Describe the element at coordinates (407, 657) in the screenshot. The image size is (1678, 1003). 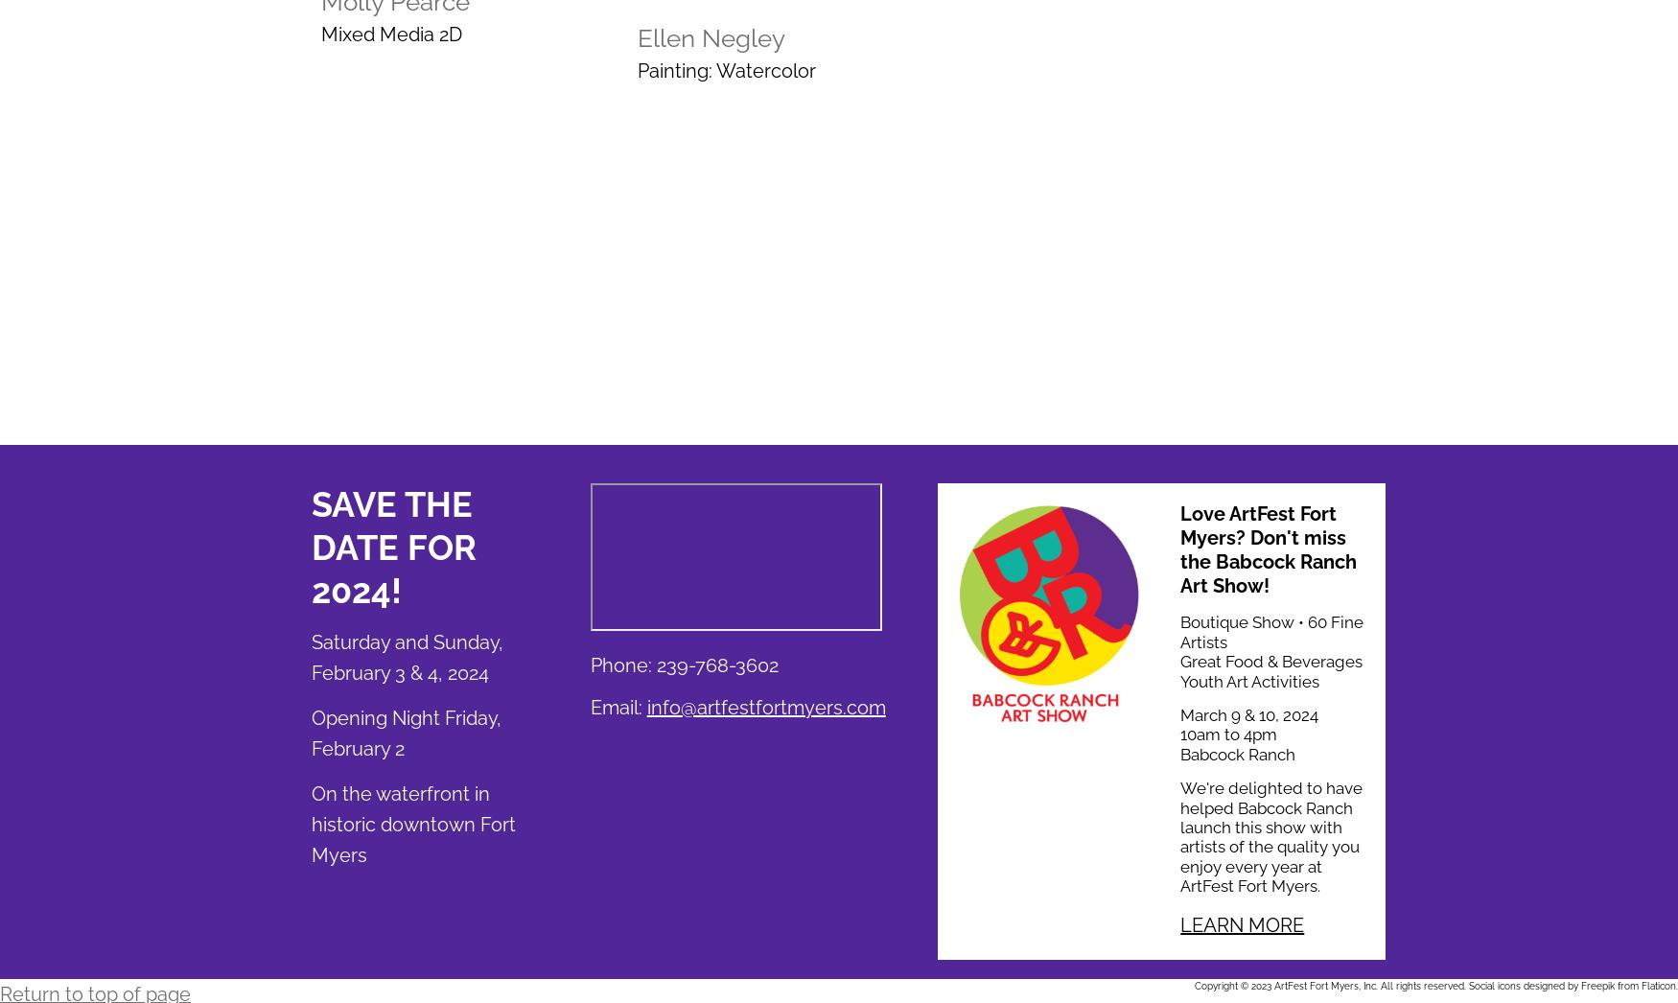
I see `'Saturday and Sunday, February 3 & 4, 2024'` at that location.